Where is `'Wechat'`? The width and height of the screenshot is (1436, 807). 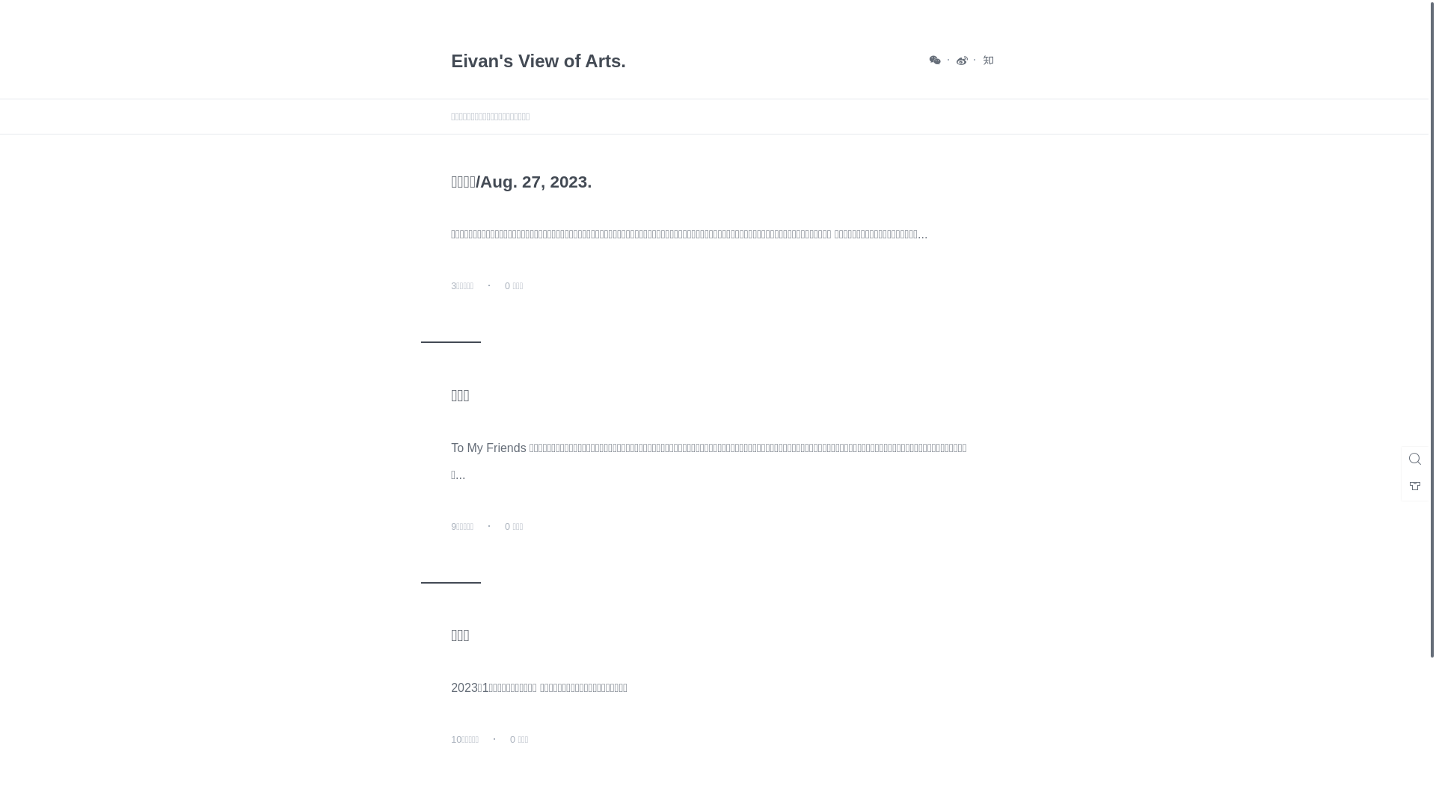 'Wechat' is located at coordinates (935, 59).